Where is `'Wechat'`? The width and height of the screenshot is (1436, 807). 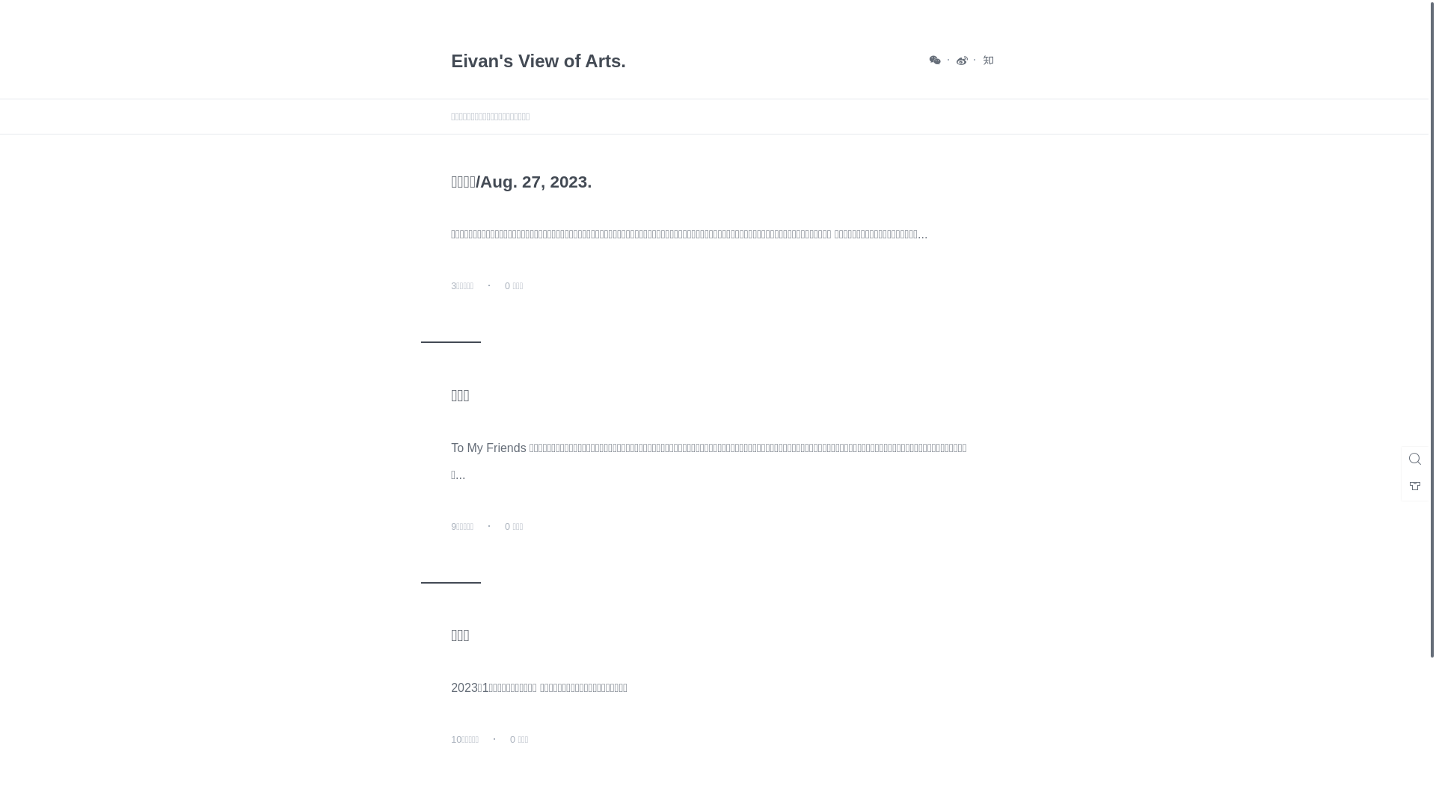 'Wechat' is located at coordinates (935, 59).